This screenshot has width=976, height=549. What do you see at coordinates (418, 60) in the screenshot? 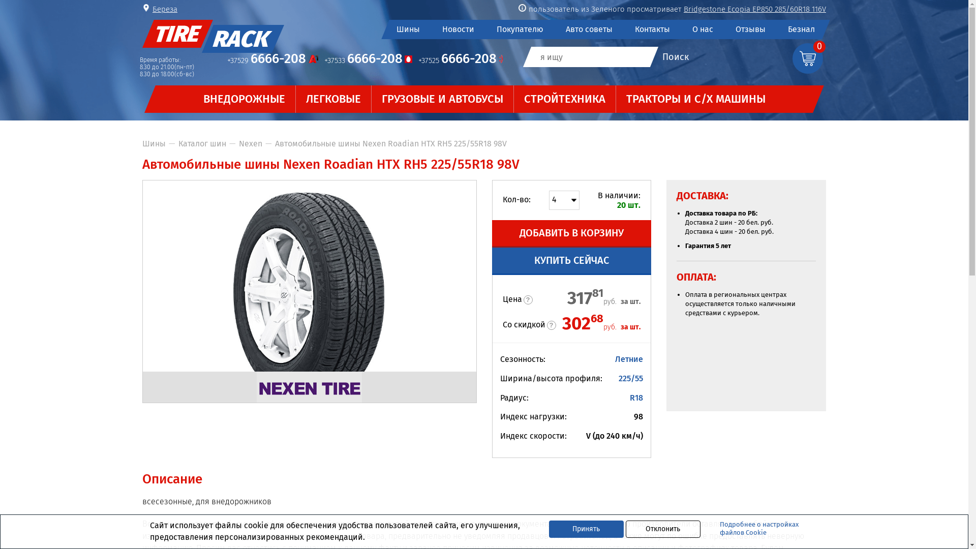
I see `'+37525 6666-208'` at bounding box center [418, 60].